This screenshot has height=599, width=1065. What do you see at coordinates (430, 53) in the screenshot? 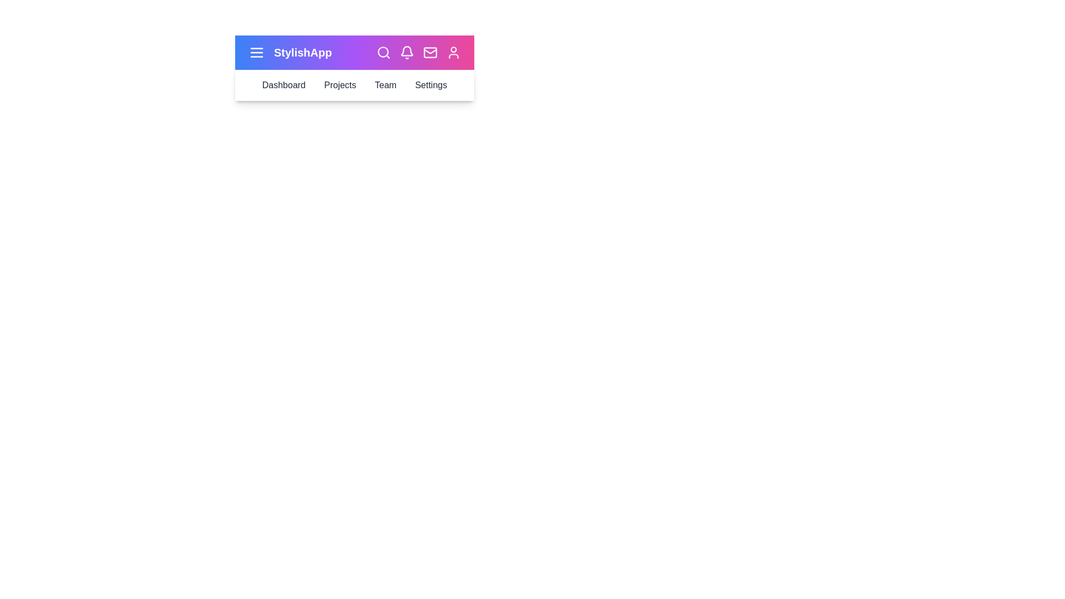
I see `the mail icon to access messages` at bounding box center [430, 53].